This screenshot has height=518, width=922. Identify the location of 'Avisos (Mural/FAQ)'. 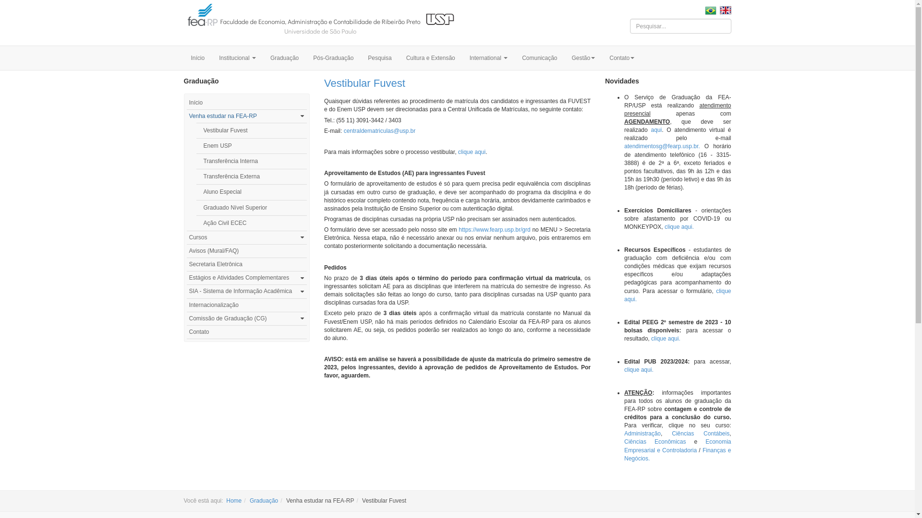
(186, 250).